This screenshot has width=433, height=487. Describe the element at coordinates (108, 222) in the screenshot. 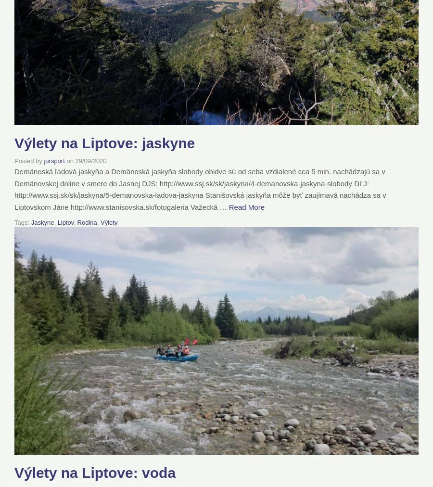

I see `'Výlety'` at that location.